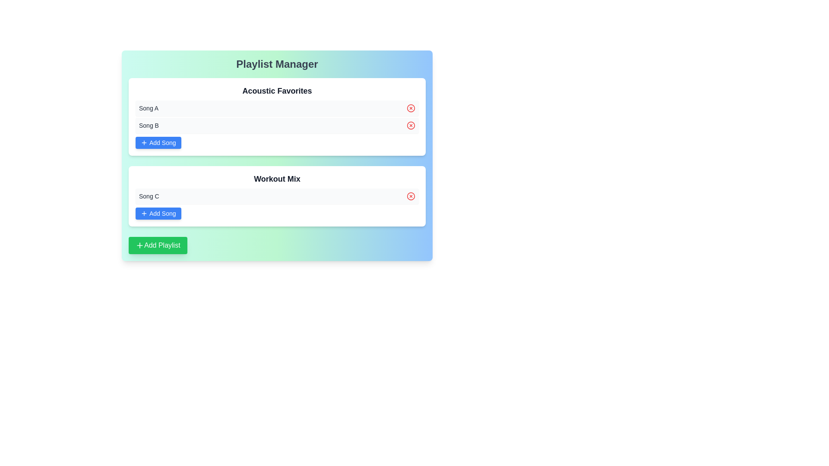  I want to click on the 'Workout Mix' text label, which is displayed in a large and bold font at the top of a white card with rounded corners, so click(277, 179).